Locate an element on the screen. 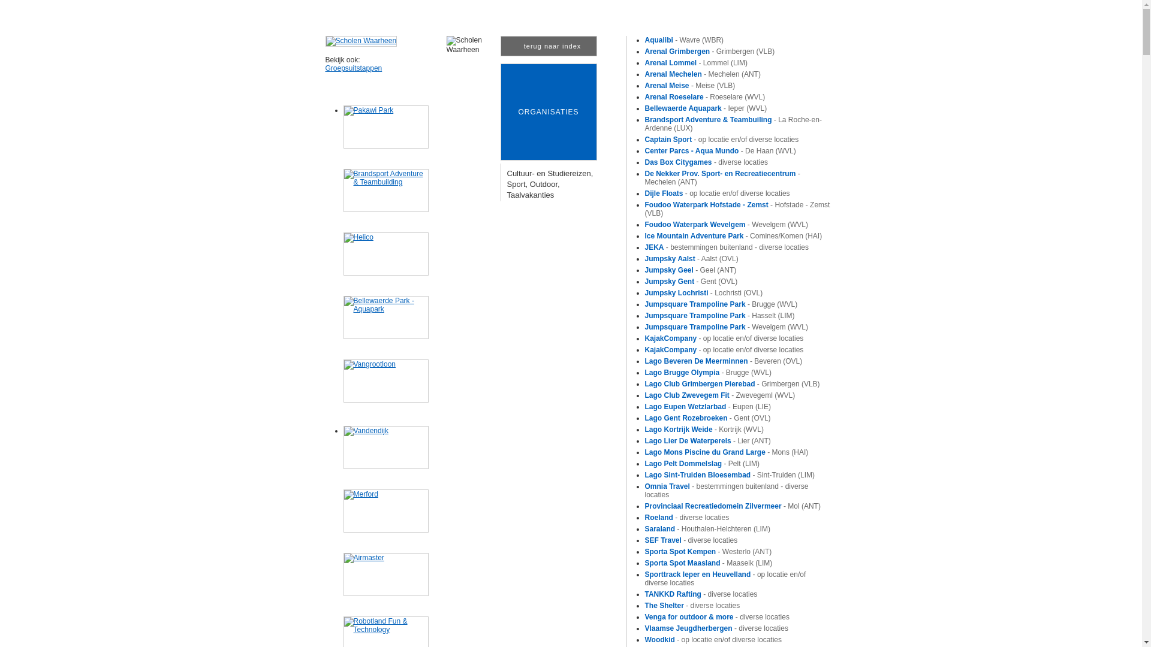 The height and width of the screenshot is (647, 1151). 'Airmaster' is located at coordinates (385, 574).